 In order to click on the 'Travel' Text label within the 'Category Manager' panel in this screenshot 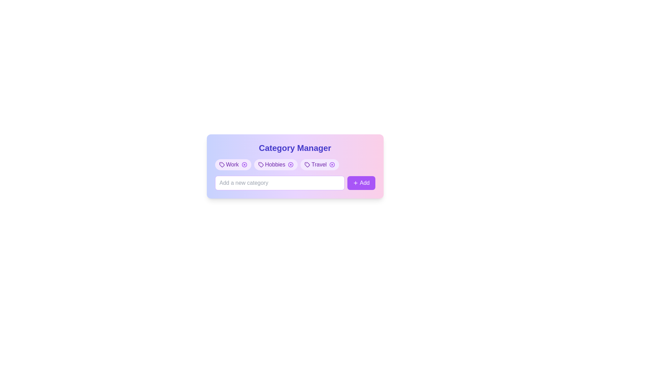, I will do `click(319, 165)`.